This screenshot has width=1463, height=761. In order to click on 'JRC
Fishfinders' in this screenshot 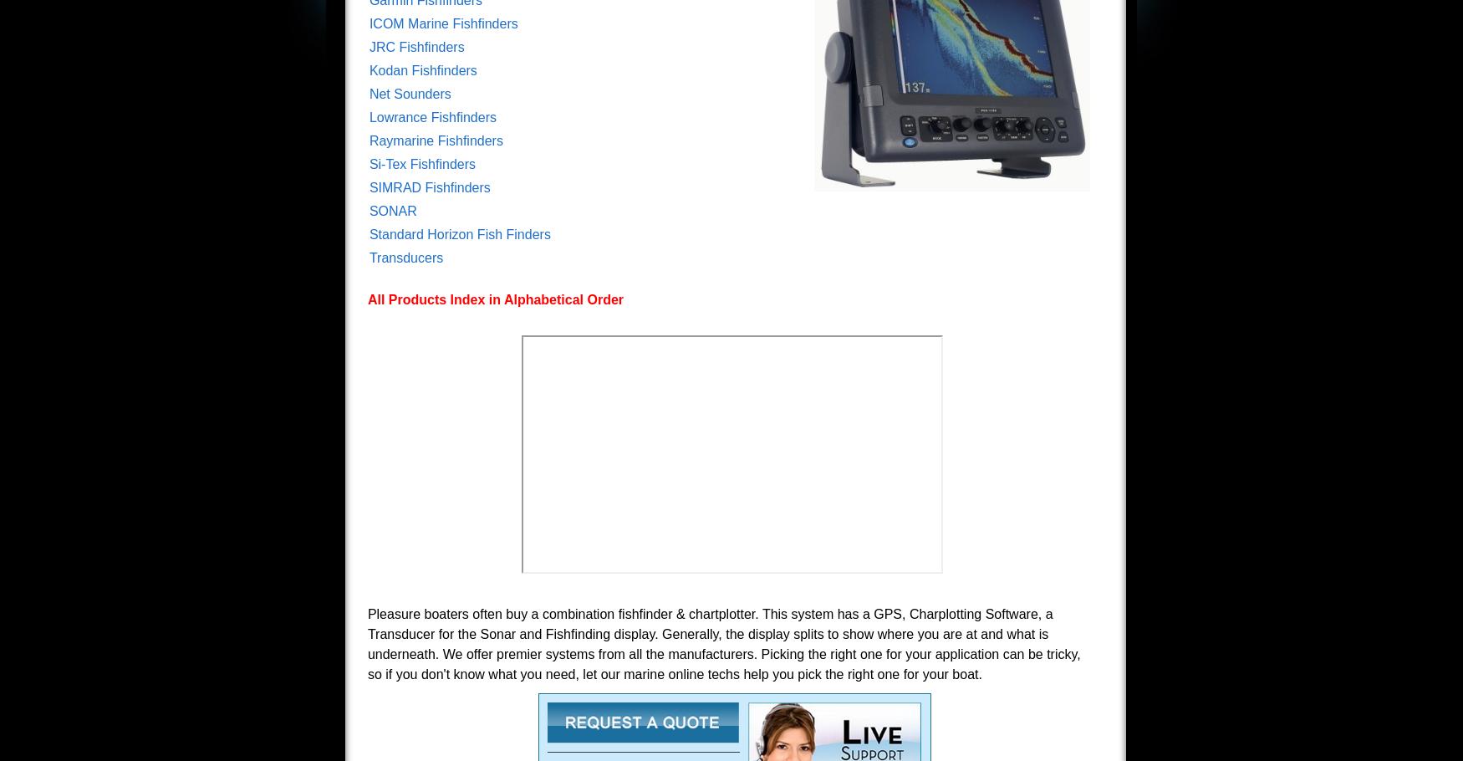, I will do `click(416, 47)`.